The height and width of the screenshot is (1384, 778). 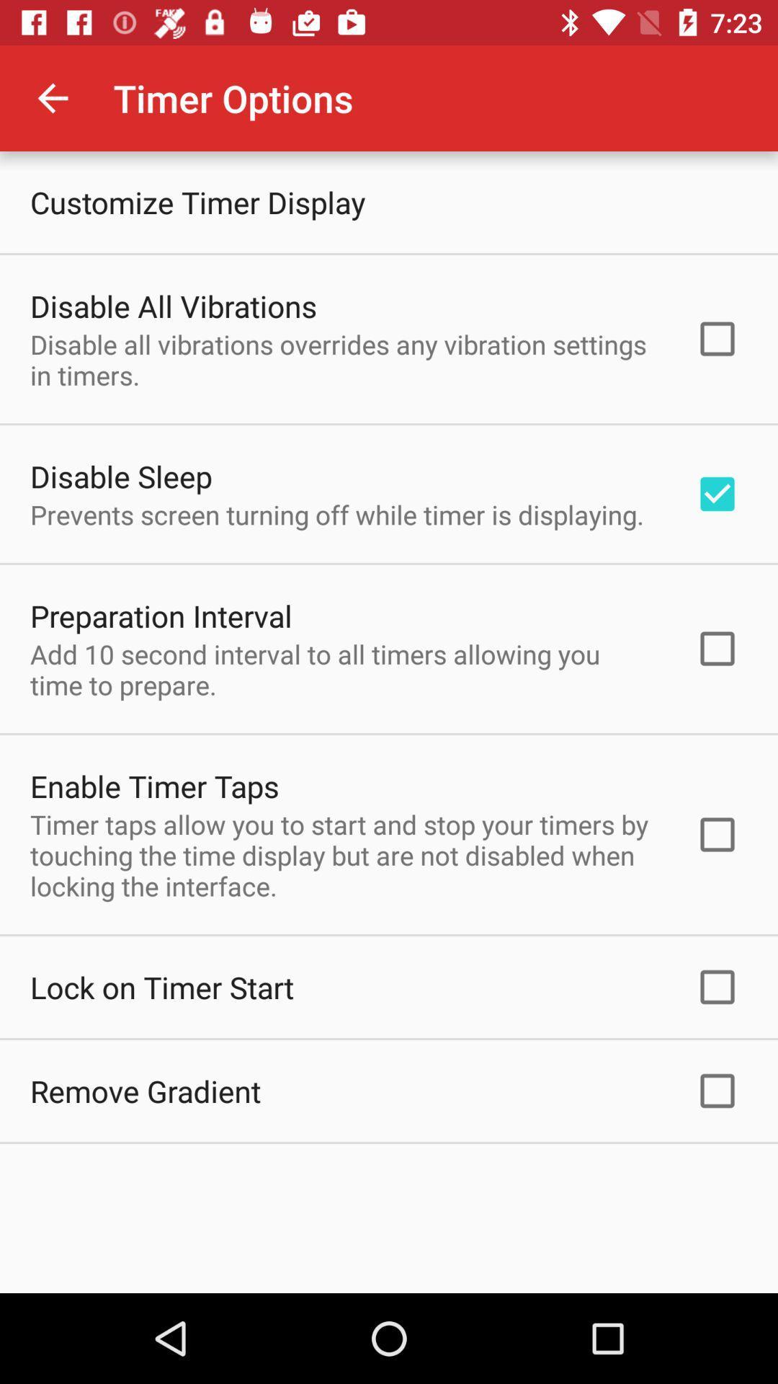 What do you see at coordinates (336, 515) in the screenshot?
I see `the icon above preparation interval item` at bounding box center [336, 515].